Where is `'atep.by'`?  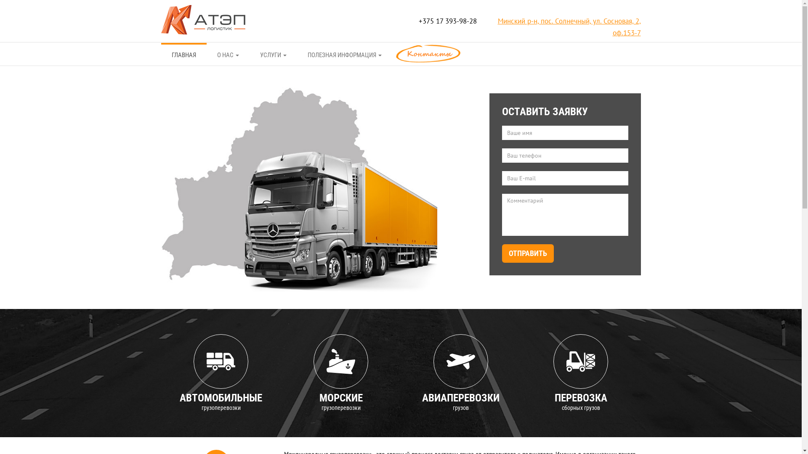
'atep.by' is located at coordinates (202, 18).